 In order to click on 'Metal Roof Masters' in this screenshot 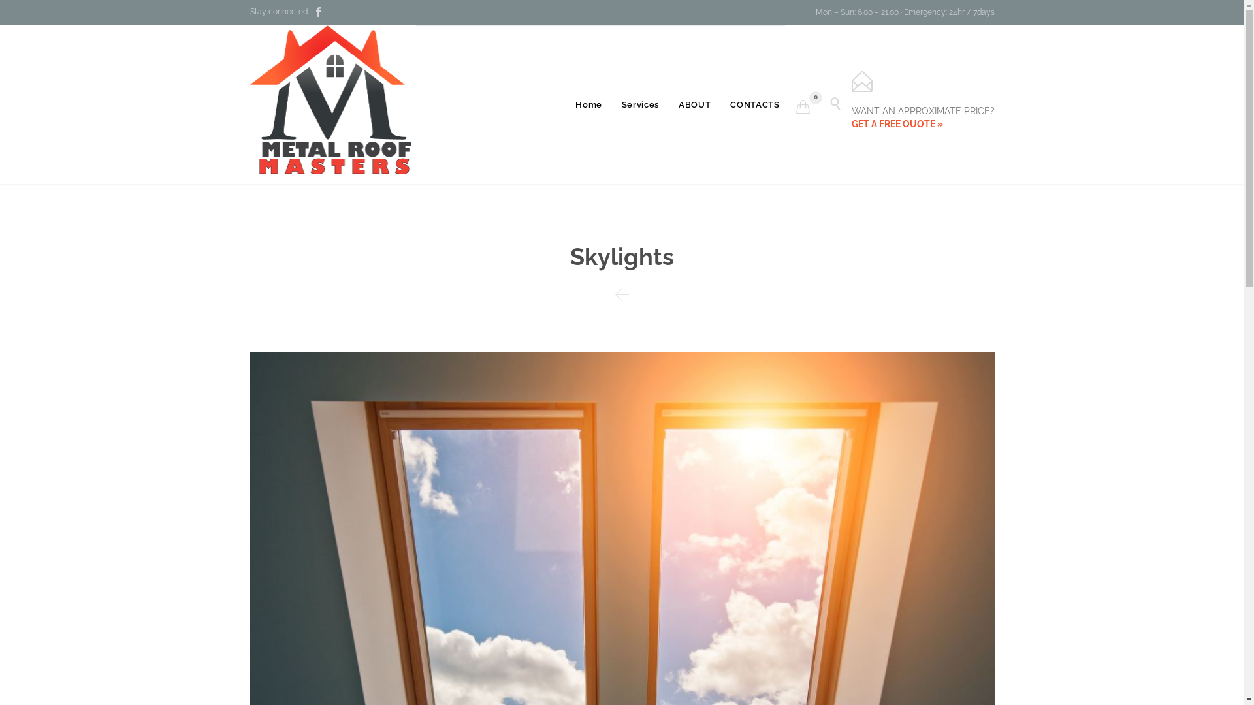, I will do `click(332, 104)`.